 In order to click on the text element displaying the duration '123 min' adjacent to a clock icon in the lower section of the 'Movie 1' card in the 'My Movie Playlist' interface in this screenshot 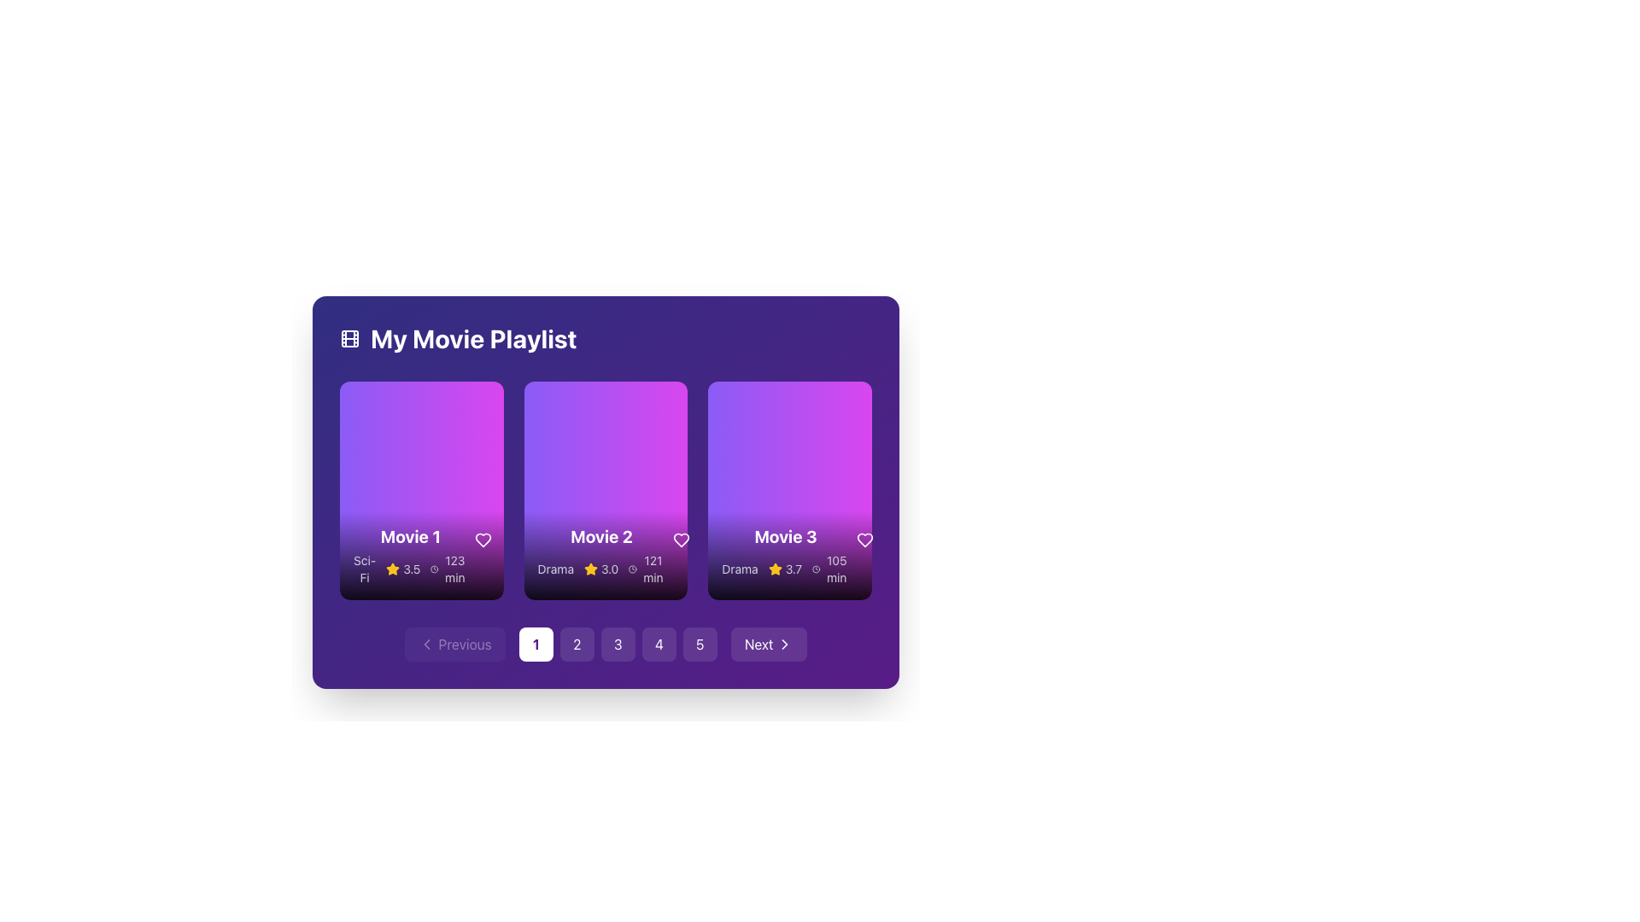, I will do `click(449, 569)`.